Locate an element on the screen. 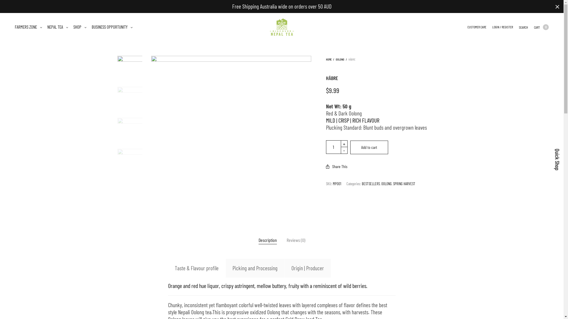 The height and width of the screenshot is (319, 568). 'Qty' is located at coordinates (326, 147).